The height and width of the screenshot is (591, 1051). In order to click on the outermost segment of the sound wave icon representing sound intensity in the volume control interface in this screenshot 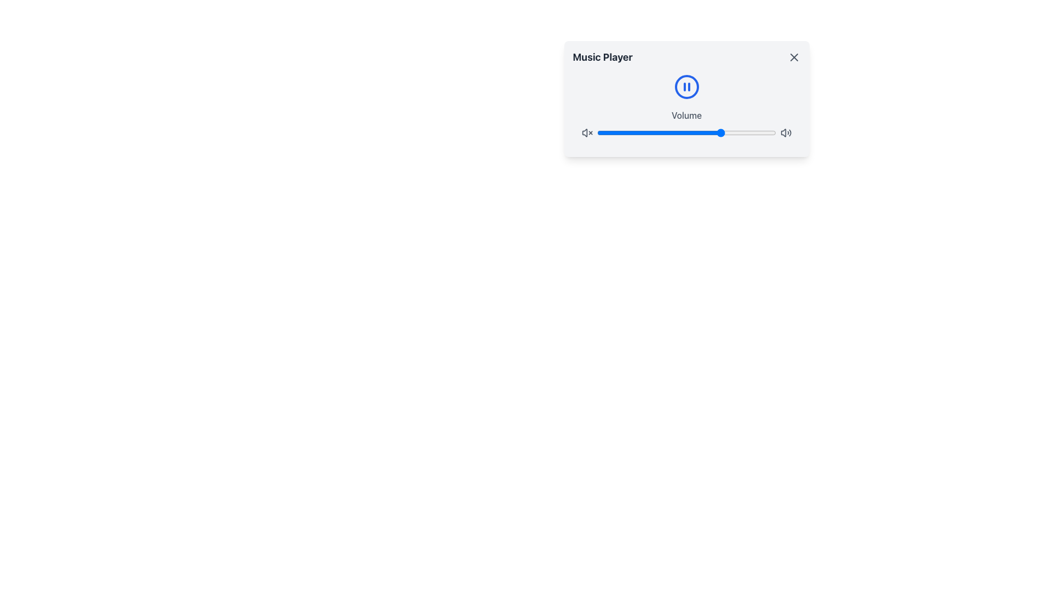, I will do `click(790, 132)`.